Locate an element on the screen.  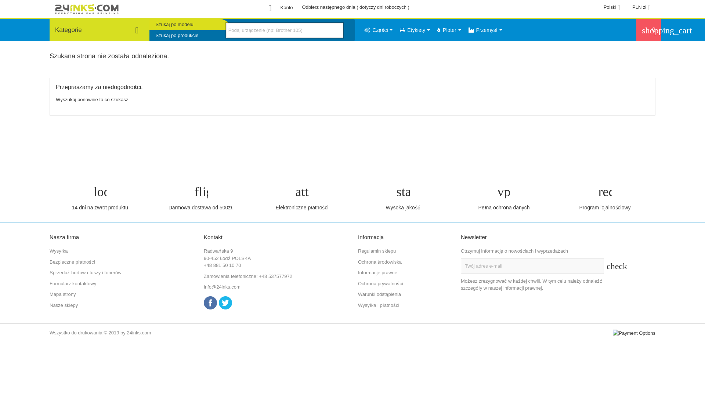
'loop is located at coordinates (100, 198).